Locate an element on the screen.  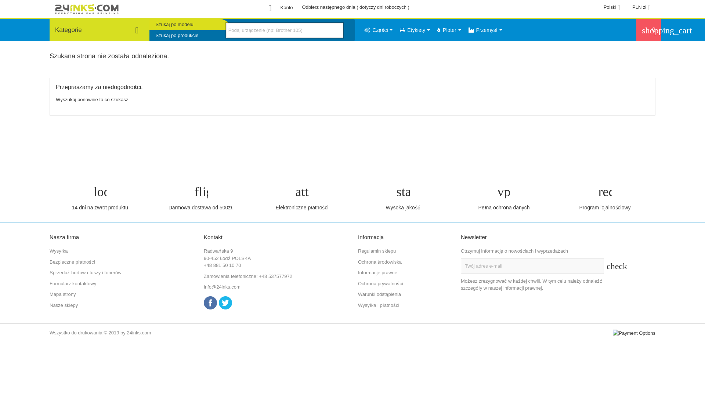
'loop is located at coordinates (100, 198).